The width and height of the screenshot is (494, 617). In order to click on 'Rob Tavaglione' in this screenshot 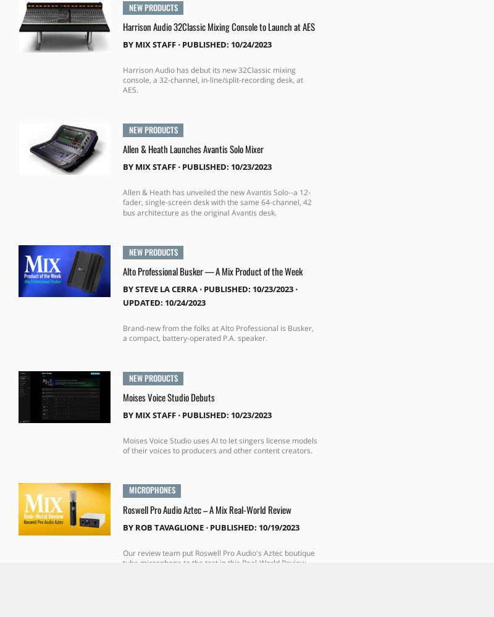, I will do `click(169, 526)`.